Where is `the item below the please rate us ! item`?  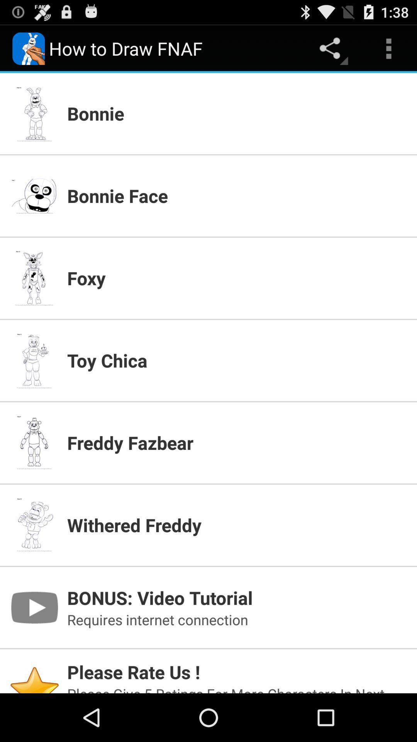
the item below the please rate us ! item is located at coordinates (237, 689).